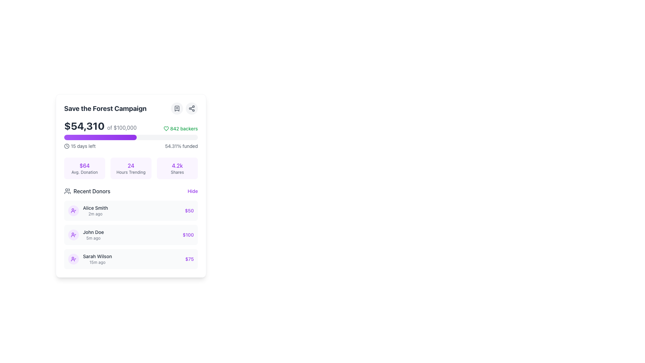 The width and height of the screenshot is (645, 363). Describe the element at coordinates (122, 128) in the screenshot. I see `the text label displaying 'of $100,000', which is light gray and smaller than the bold '$54,310' figure, located immediately to its right within the donation progress update section` at that location.